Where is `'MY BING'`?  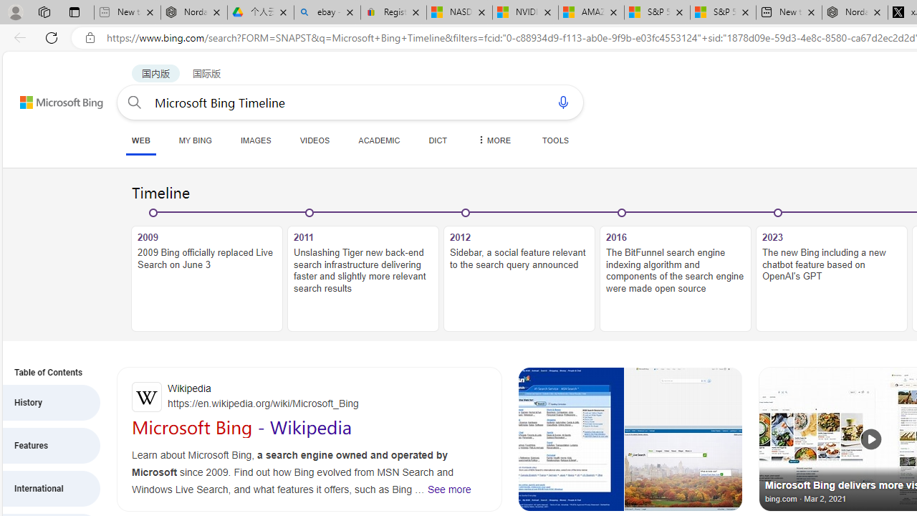
'MY BING' is located at coordinates (194, 140).